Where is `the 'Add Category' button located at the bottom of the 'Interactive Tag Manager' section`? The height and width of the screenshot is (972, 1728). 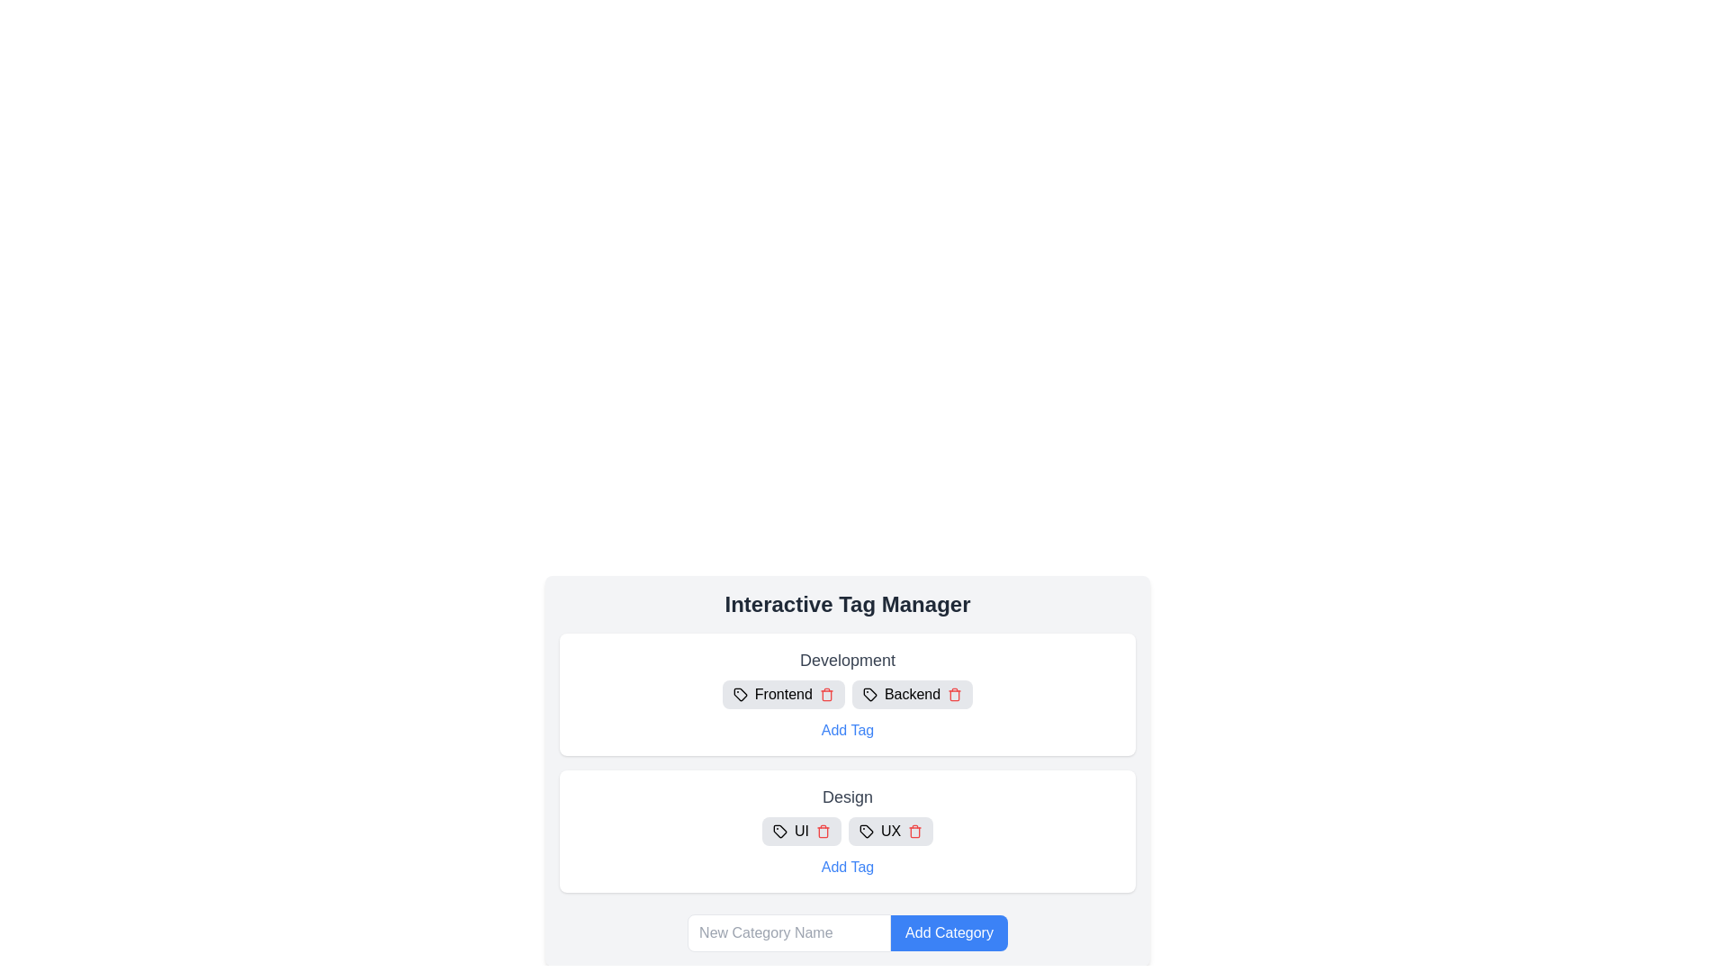
the 'Add Category' button located at the bottom of the 'Interactive Tag Manager' section is located at coordinates (846, 932).